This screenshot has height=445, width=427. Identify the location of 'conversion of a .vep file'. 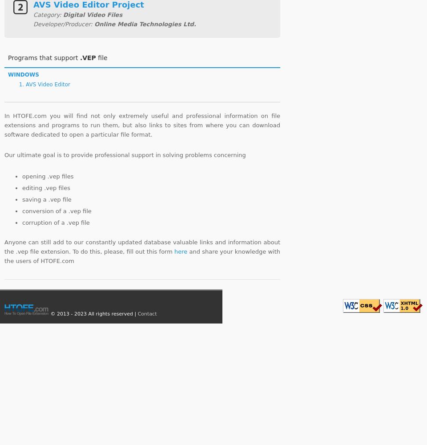
(56, 210).